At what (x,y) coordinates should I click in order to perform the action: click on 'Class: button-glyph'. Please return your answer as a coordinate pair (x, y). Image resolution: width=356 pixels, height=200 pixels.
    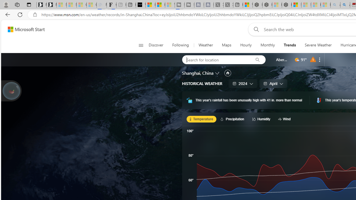
    Looking at the image, I should click on (141, 45).